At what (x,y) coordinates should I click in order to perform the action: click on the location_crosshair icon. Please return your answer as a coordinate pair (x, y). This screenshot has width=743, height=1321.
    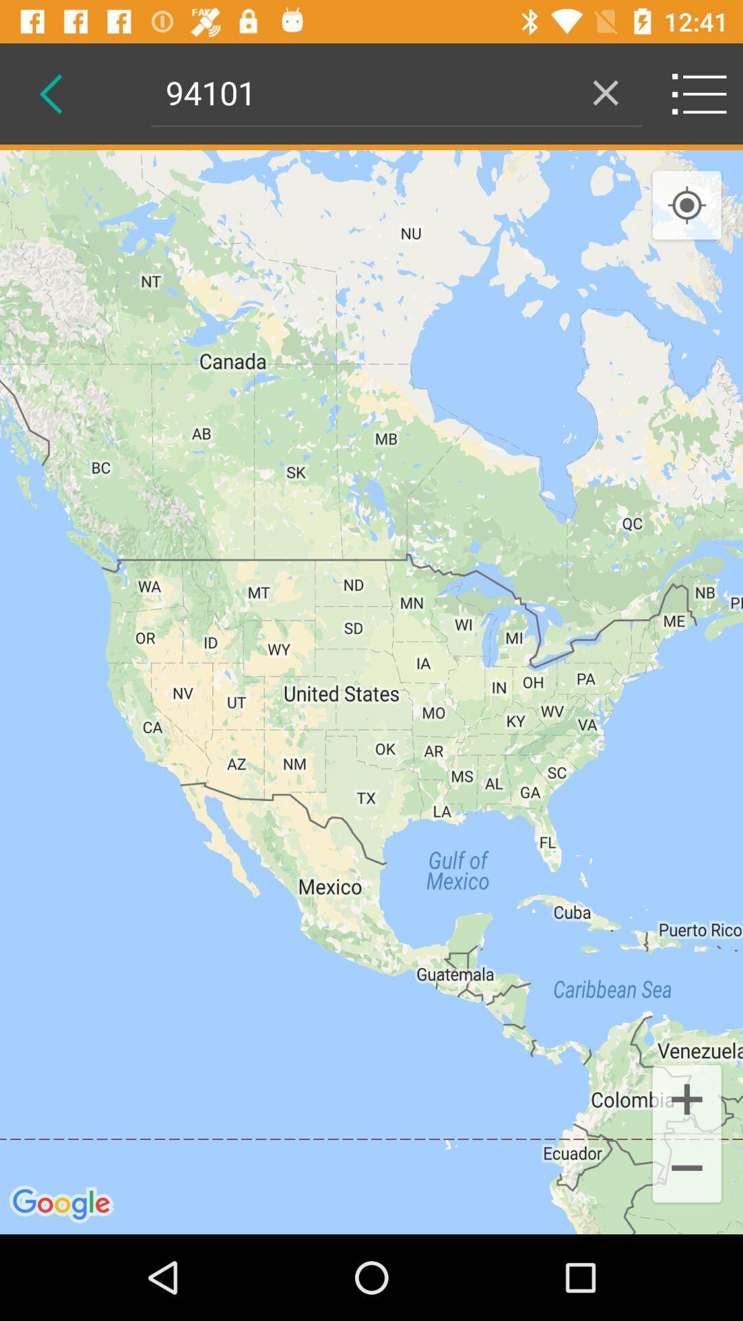
    Looking at the image, I should click on (687, 205).